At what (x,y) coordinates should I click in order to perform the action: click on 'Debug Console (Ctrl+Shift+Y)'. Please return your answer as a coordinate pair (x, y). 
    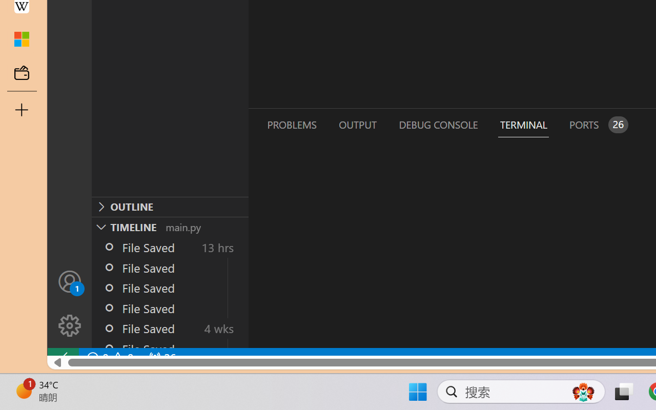
    Looking at the image, I should click on (438, 124).